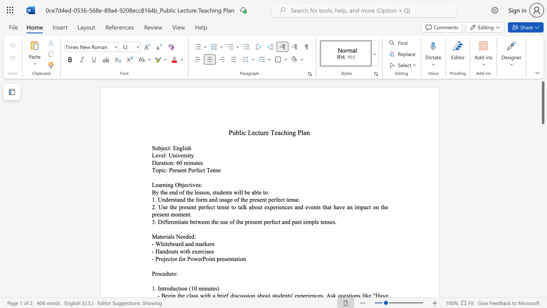  What do you see at coordinates (171, 199) in the screenshot?
I see `the subset text "rstand the form and usage o" within the text "1. Understand the form and usage of the present perfect tense."` at bounding box center [171, 199].